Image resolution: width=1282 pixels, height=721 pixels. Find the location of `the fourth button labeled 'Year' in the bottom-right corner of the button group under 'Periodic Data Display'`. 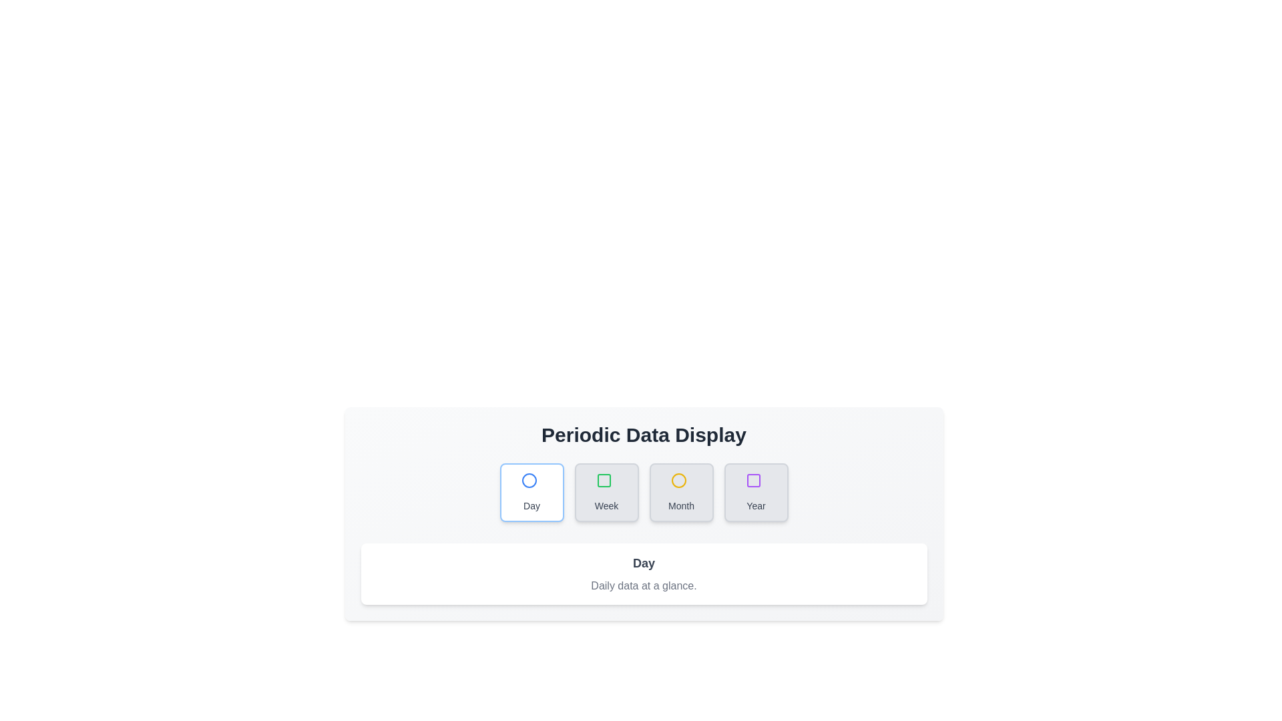

the fourth button labeled 'Year' in the bottom-right corner of the button group under 'Periodic Data Display' is located at coordinates (756, 492).